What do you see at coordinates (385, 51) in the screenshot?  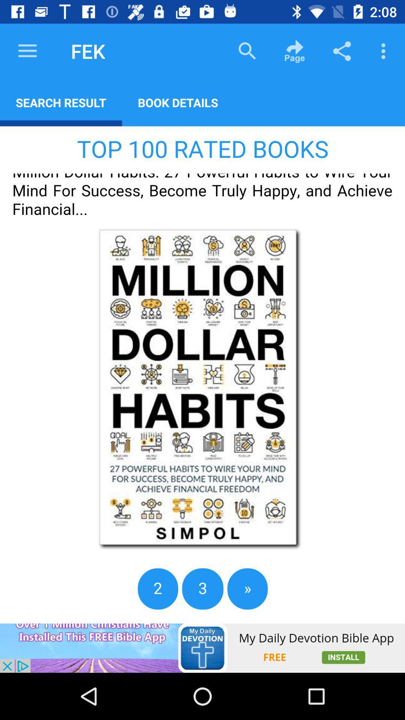 I see `the more icon` at bounding box center [385, 51].